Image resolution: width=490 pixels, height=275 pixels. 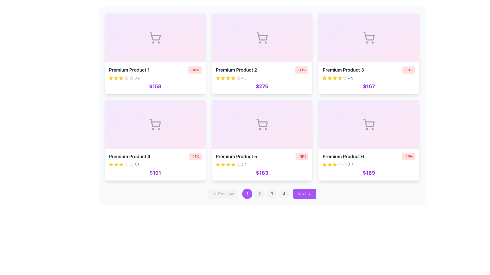 What do you see at coordinates (236, 70) in the screenshot?
I see `text displayed in the styled text display labeled 'Premium Product 2', which is part of the second product card in the top row` at bounding box center [236, 70].